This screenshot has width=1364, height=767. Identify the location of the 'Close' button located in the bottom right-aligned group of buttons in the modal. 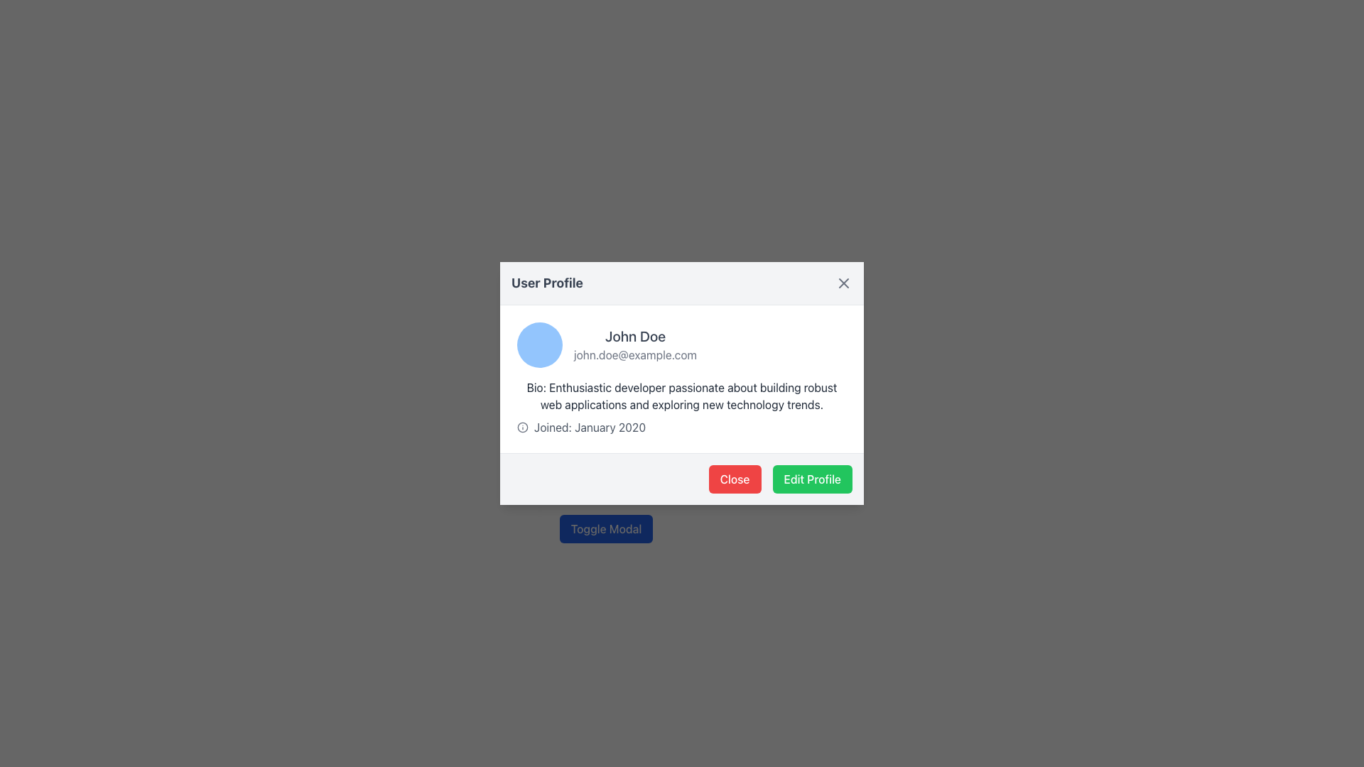
(735, 479).